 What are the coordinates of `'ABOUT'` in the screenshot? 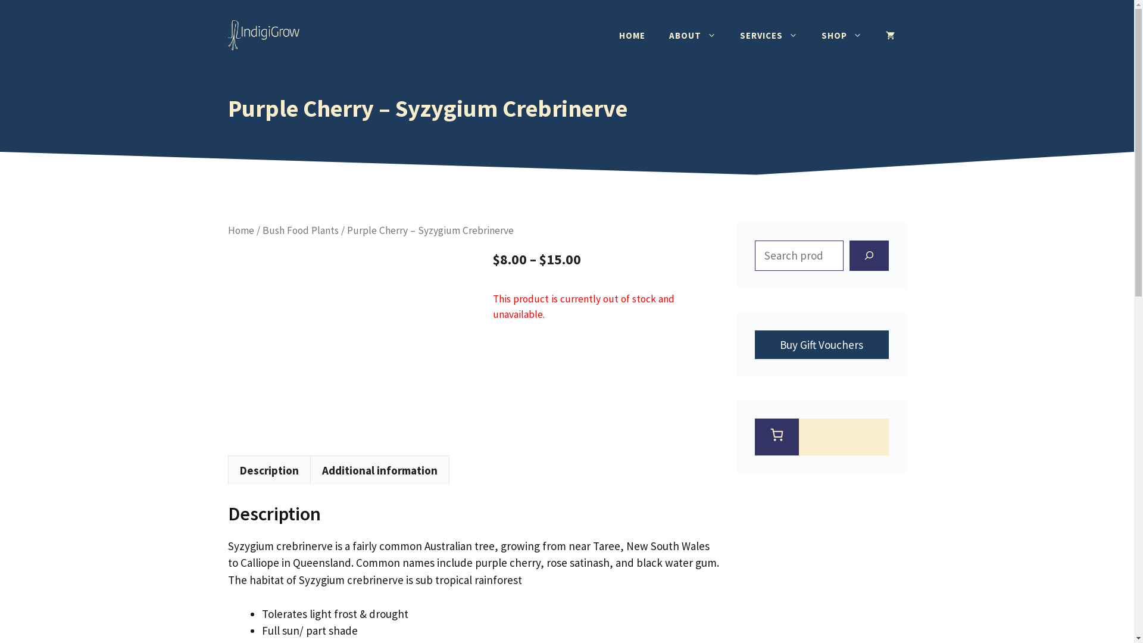 It's located at (657, 35).